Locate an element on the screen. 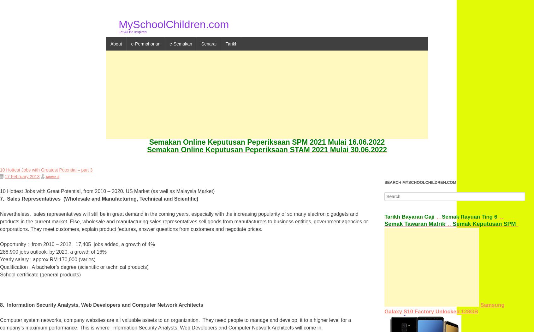 The image size is (534, 332). 'Tarikh Bayaran Gaji' is located at coordinates (409, 216).